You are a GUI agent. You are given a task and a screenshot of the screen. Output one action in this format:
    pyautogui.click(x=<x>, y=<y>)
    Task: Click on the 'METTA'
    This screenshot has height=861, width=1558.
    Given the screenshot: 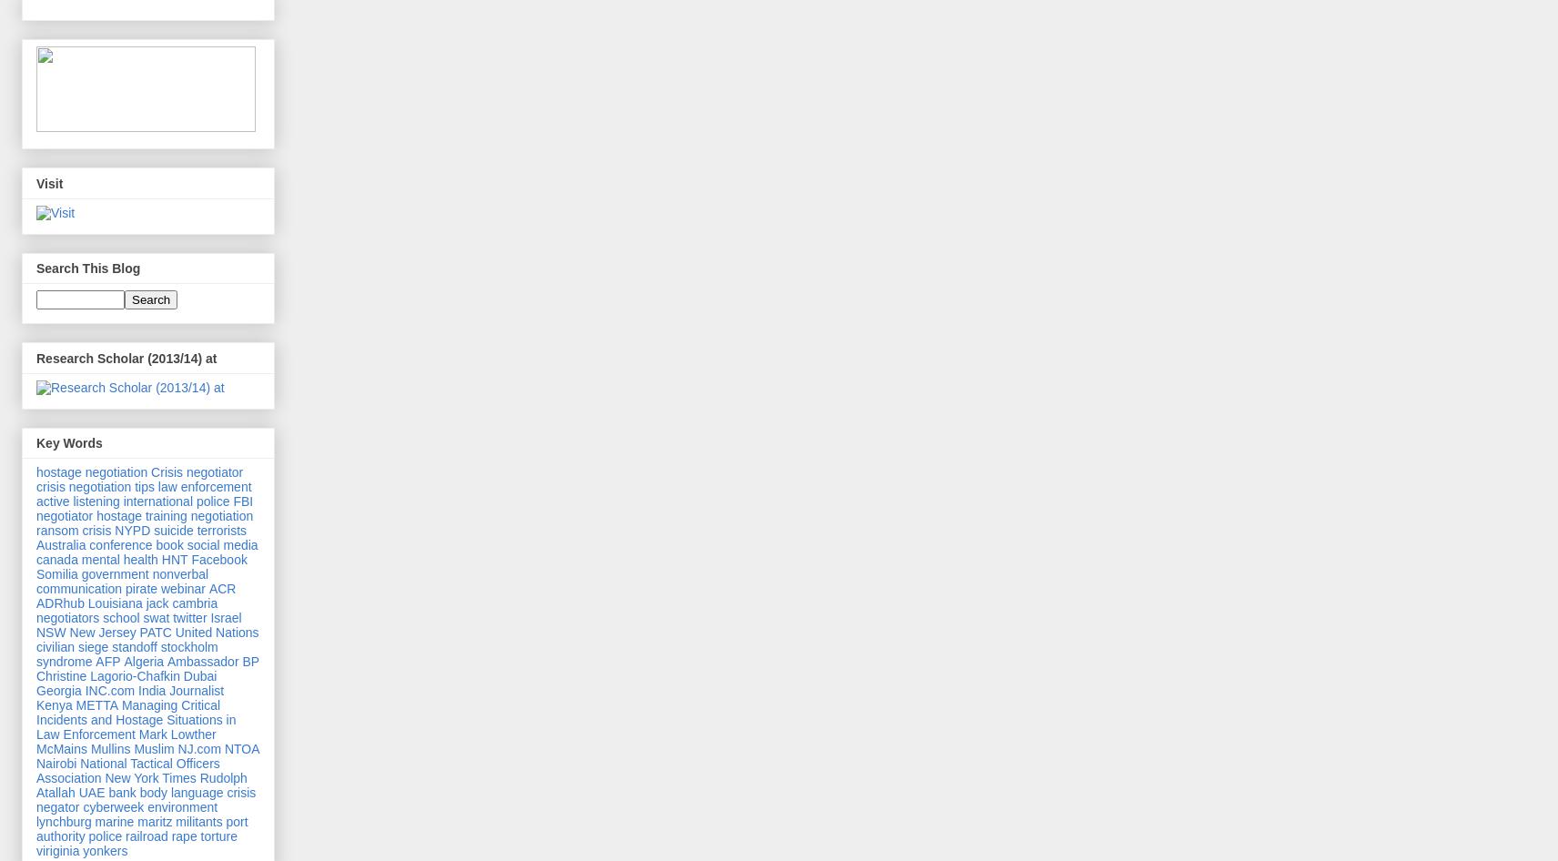 What is the action you would take?
    pyautogui.click(x=96, y=704)
    